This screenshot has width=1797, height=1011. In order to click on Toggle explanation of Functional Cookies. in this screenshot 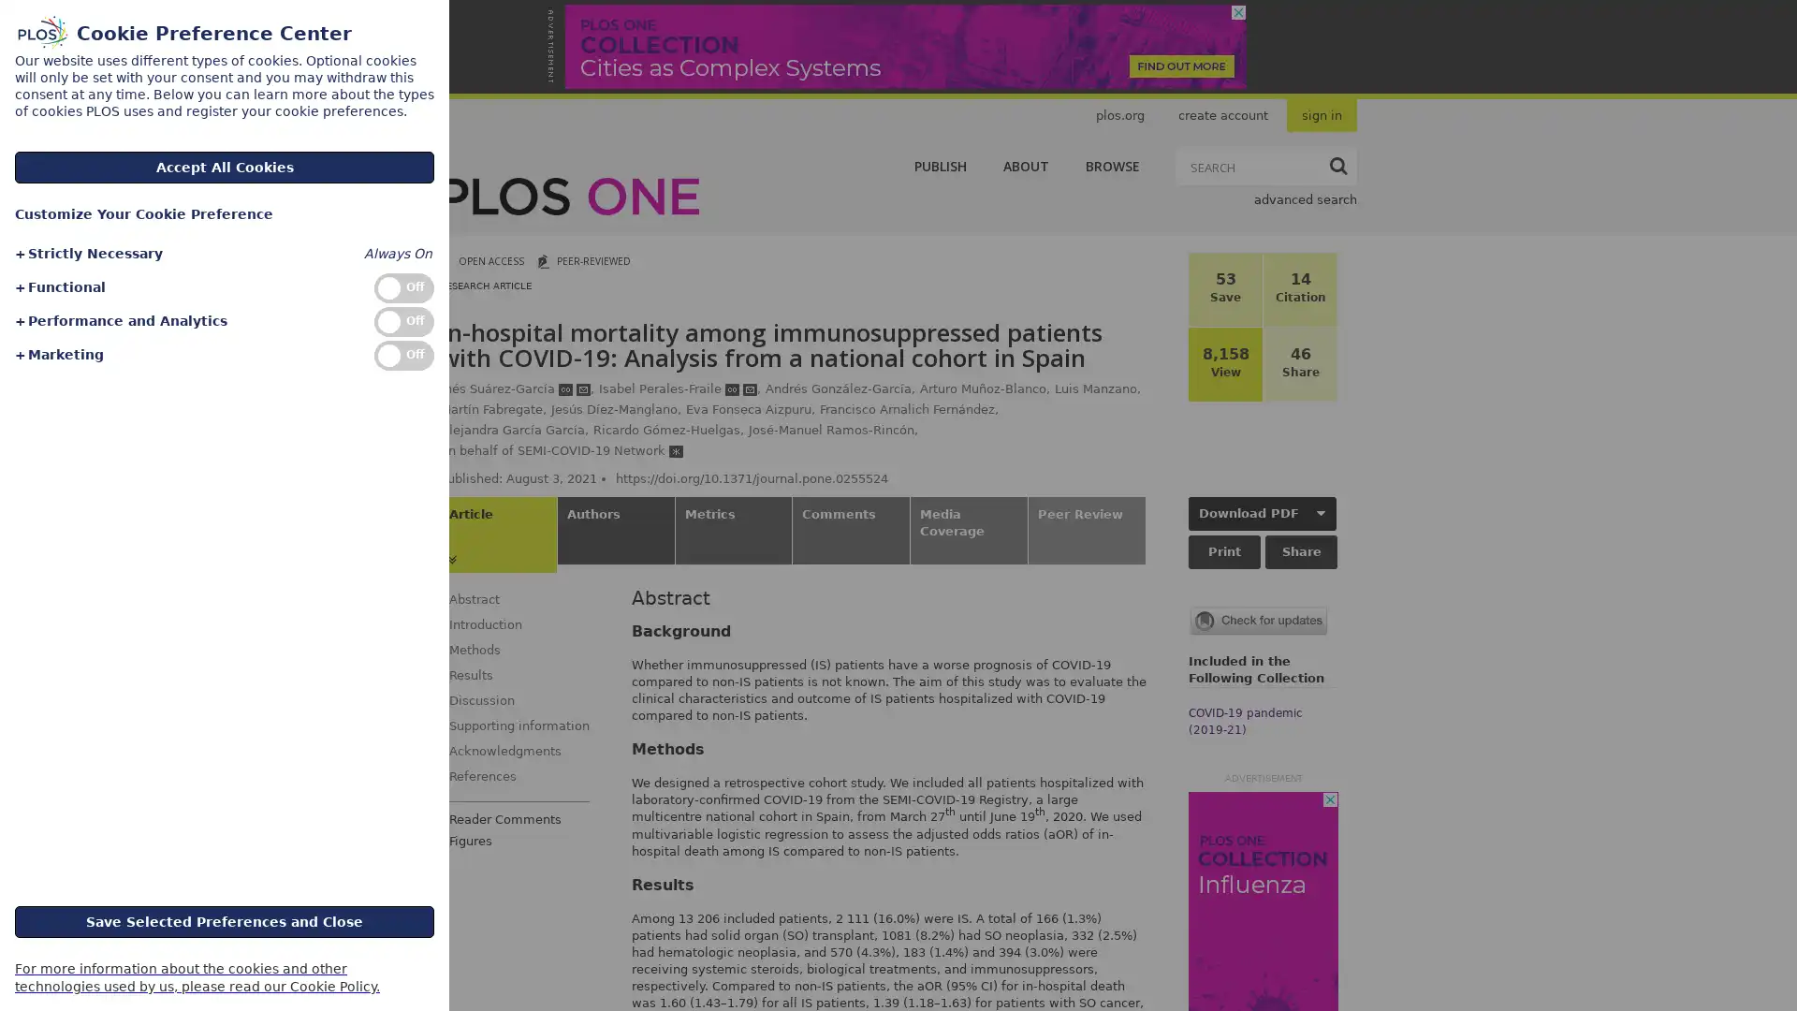, I will do `click(59, 287)`.